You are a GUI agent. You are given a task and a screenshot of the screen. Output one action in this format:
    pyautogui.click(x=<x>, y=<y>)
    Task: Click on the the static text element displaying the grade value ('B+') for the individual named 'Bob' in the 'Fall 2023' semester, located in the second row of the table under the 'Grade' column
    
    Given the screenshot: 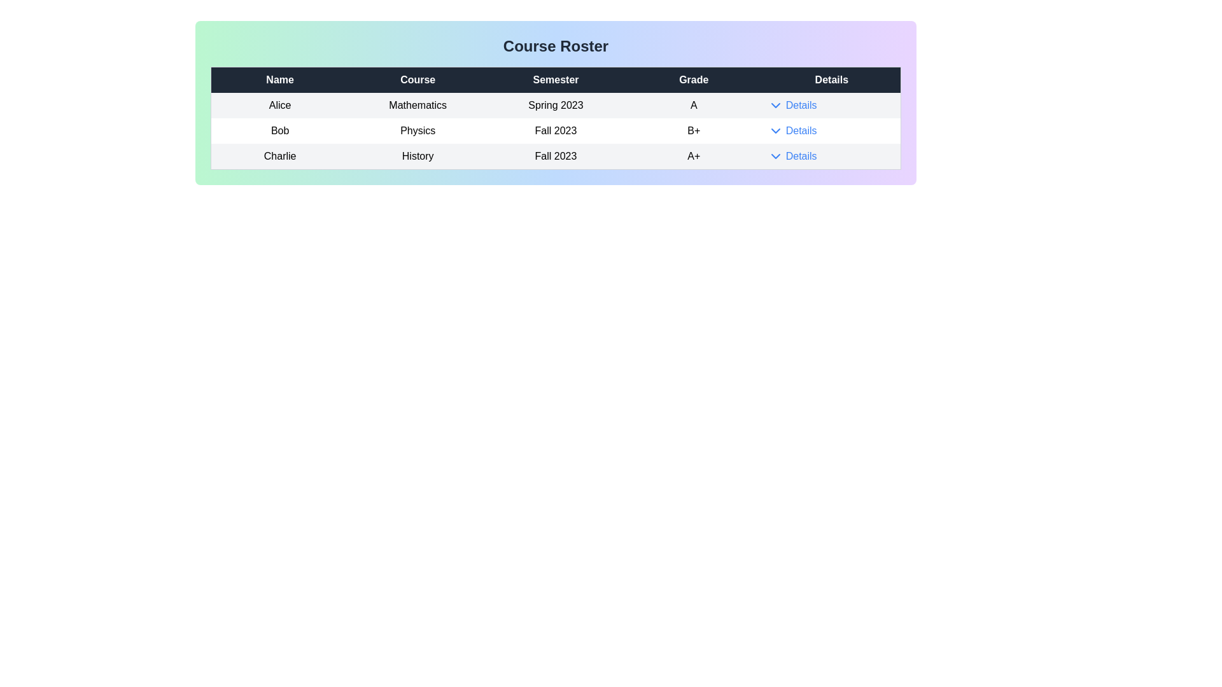 What is the action you would take?
    pyautogui.click(x=693, y=130)
    